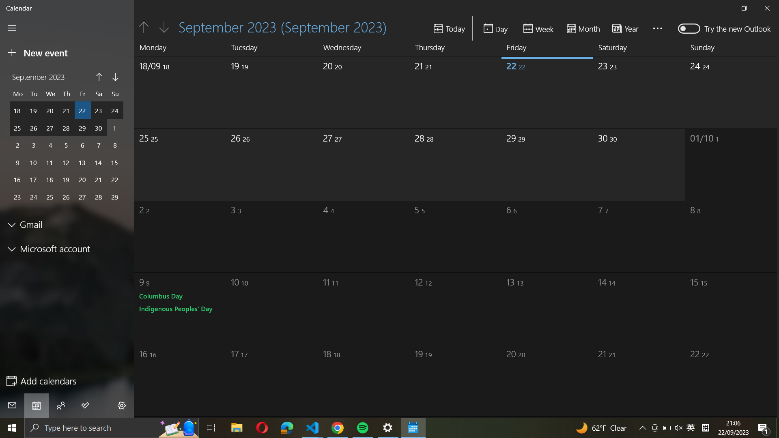  Describe the element at coordinates (12, 28) in the screenshot. I see `Pull up the sidebar` at that location.